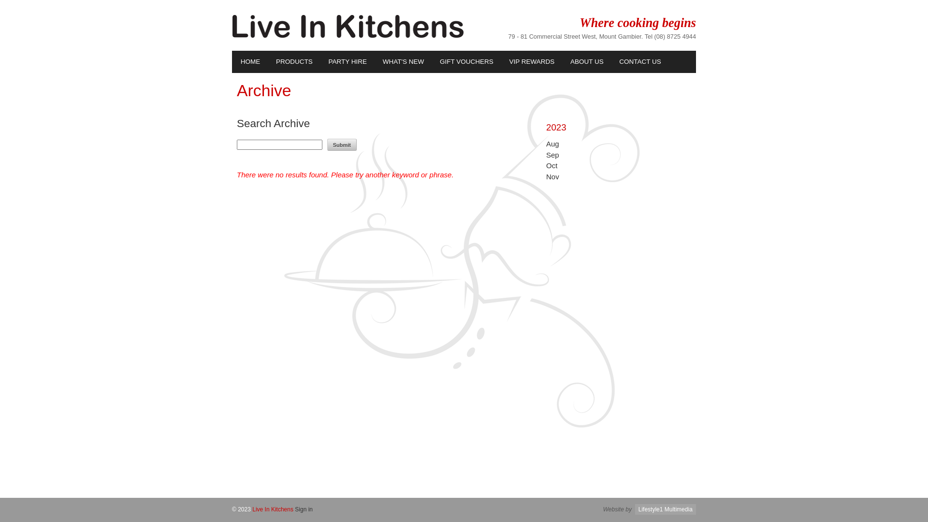  Describe the element at coordinates (347, 62) in the screenshot. I see `'PARTY HIRE'` at that location.